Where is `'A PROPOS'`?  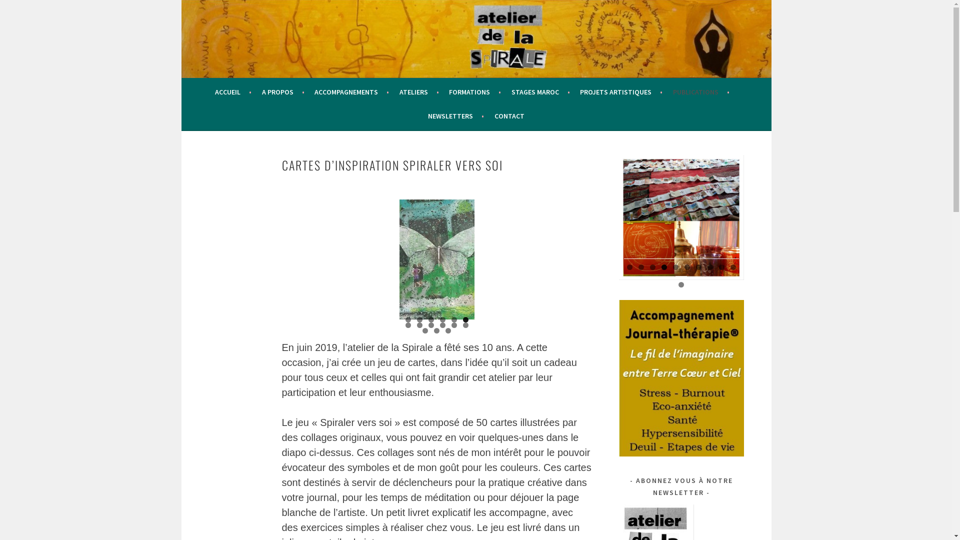
'A PROPOS' is located at coordinates (282, 92).